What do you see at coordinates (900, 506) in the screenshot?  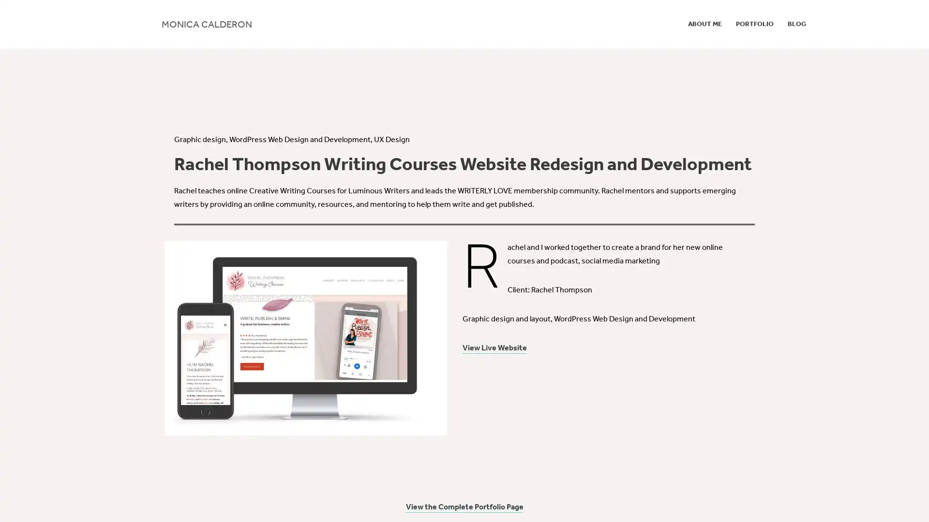 I see `Accept All` at bounding box center [900, 506].